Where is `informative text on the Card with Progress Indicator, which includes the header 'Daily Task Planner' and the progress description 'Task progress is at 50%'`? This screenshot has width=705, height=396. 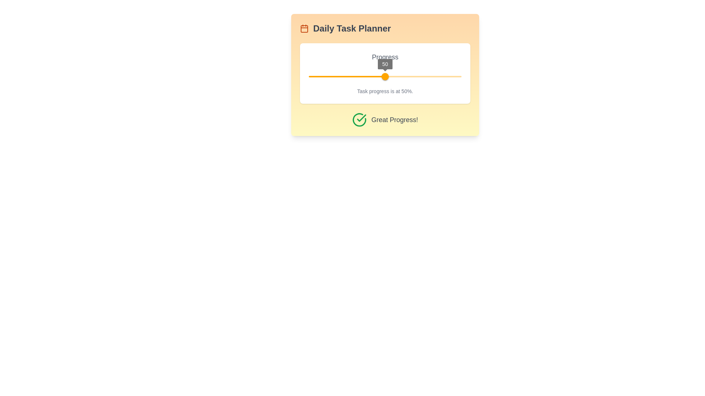
informative text on the Card with Progress Indicator, which includes the header 'Daily Task Planner' and the progress description 'Task progress is at 50%' is located at coordinates (385, 75).